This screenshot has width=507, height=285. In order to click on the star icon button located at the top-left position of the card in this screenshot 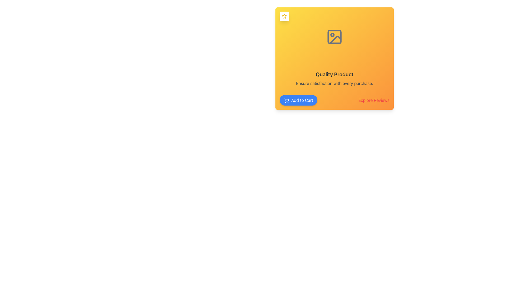, I will do `click(284, 16)`.